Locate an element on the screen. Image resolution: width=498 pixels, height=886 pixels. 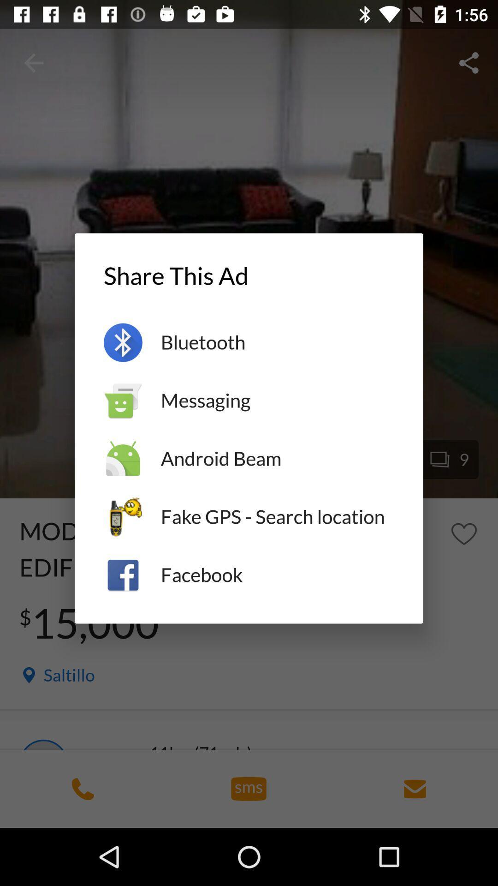
item above messaging item is located at coordinates (277, 342).